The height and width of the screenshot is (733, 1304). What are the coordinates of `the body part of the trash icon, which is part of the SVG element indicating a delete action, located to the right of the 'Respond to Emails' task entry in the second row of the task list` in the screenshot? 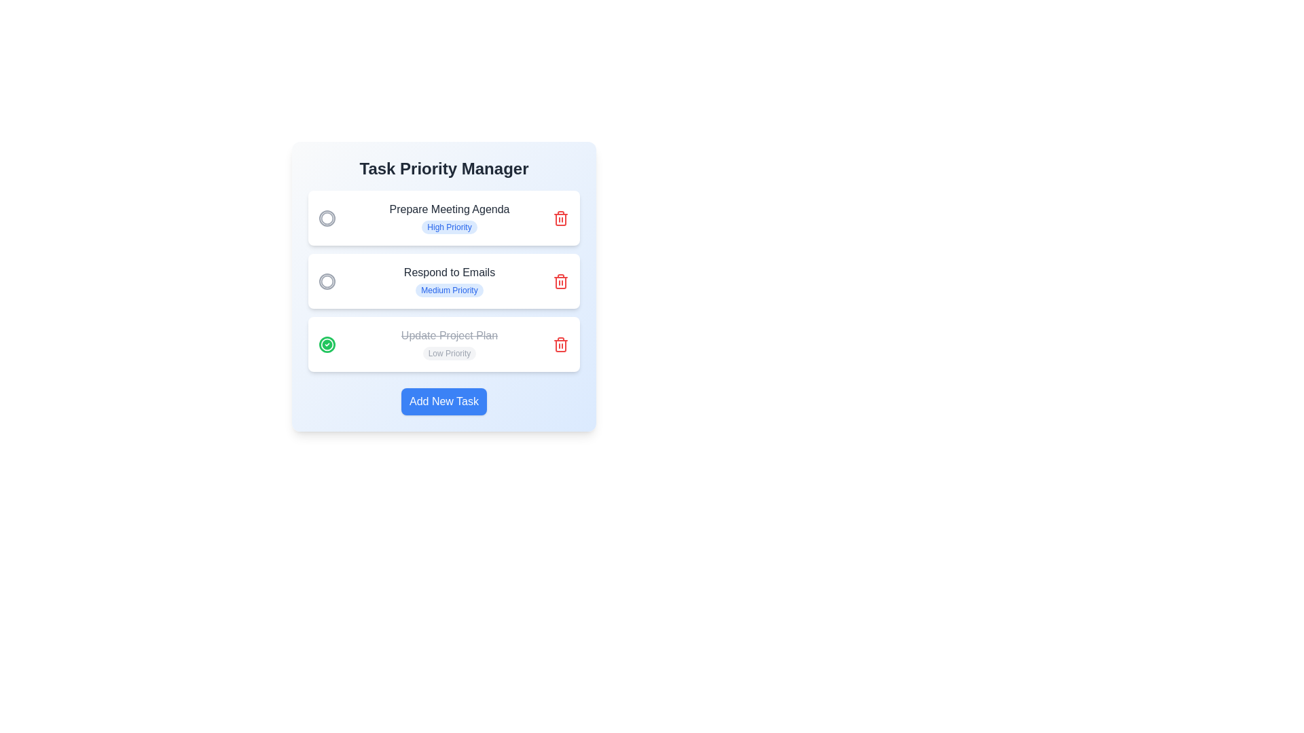 It's located at (560, 282).